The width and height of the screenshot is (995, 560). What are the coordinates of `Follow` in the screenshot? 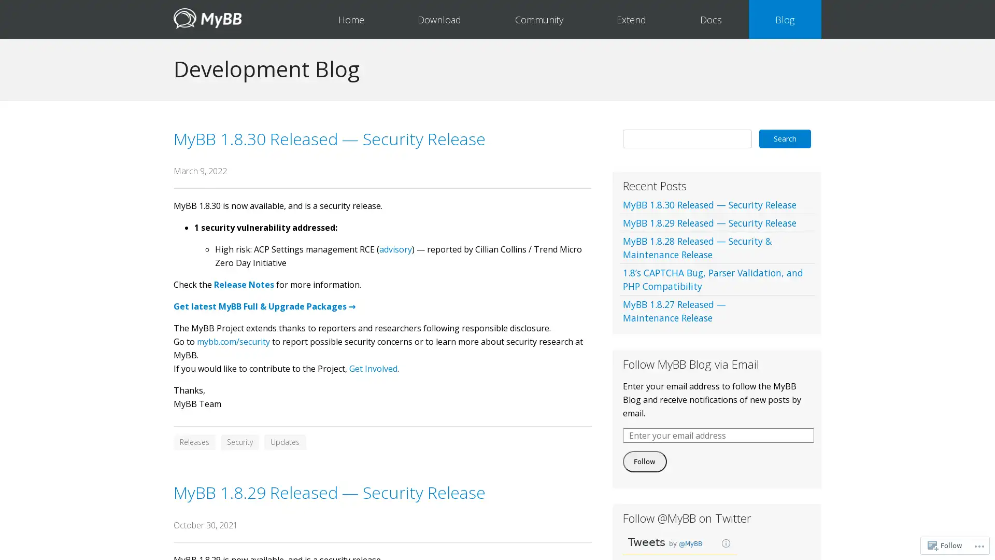 It's located at (644, 461).